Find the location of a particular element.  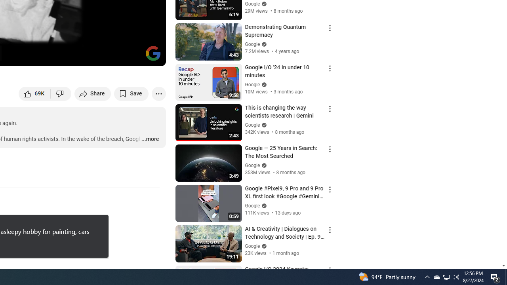

'Dislike this video' is located at coordinates (61, 93).